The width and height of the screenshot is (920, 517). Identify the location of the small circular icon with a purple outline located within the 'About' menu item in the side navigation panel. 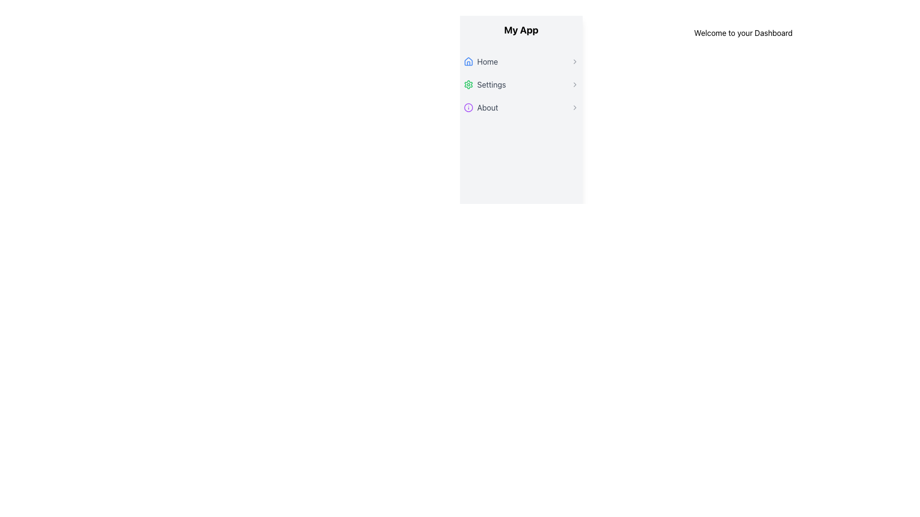
(469, 107).